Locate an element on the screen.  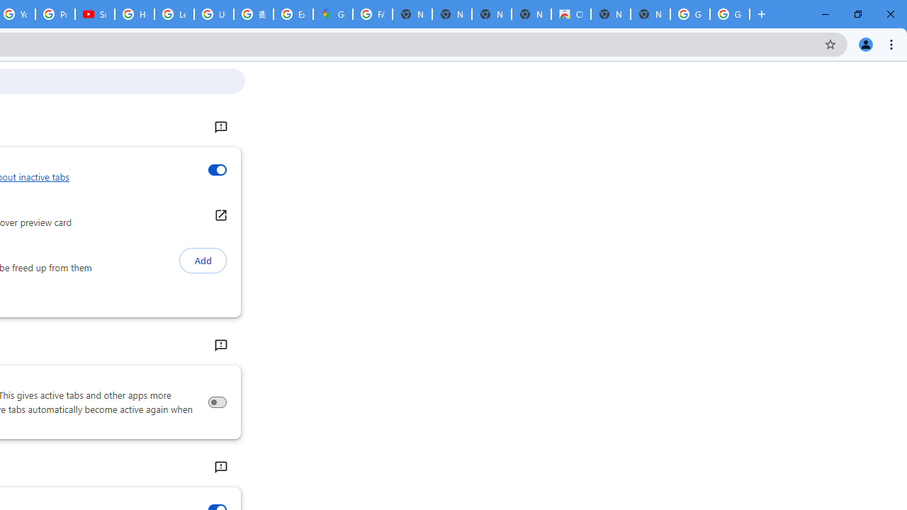
'Google Maps' is located at coordinates (332, 14).